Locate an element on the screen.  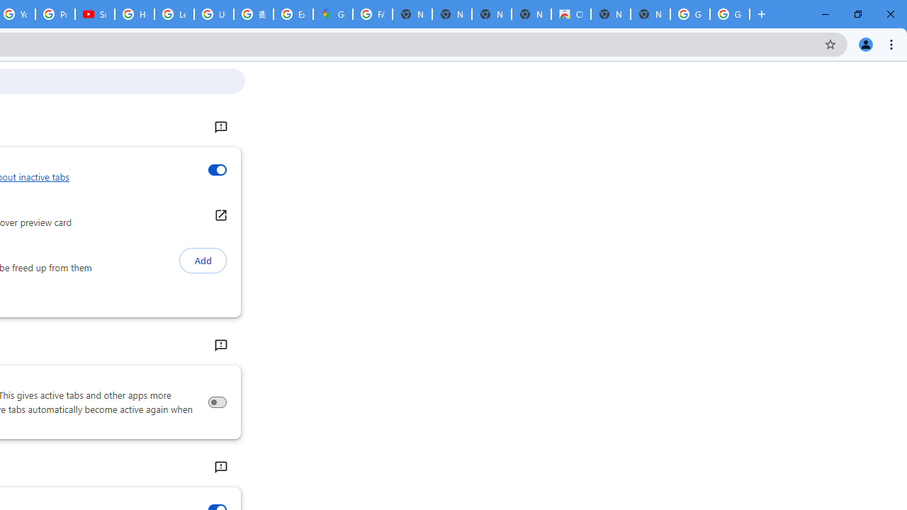
'Google Maps' is located at coordinates (332, 14).